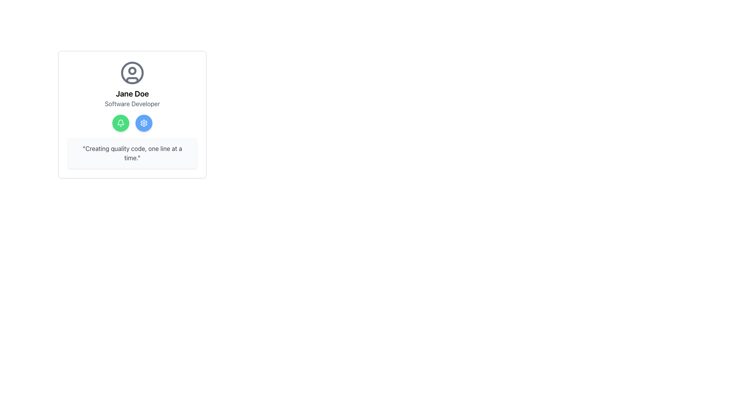 This screenshot has width=741, height=417. What do you see at coordinates (120, 123) in the screenshot?
I see `the small bell-shaped icon rendered in white color within a green circular background, located below the title 'Software Developer'` at bounding box center [120, 123].